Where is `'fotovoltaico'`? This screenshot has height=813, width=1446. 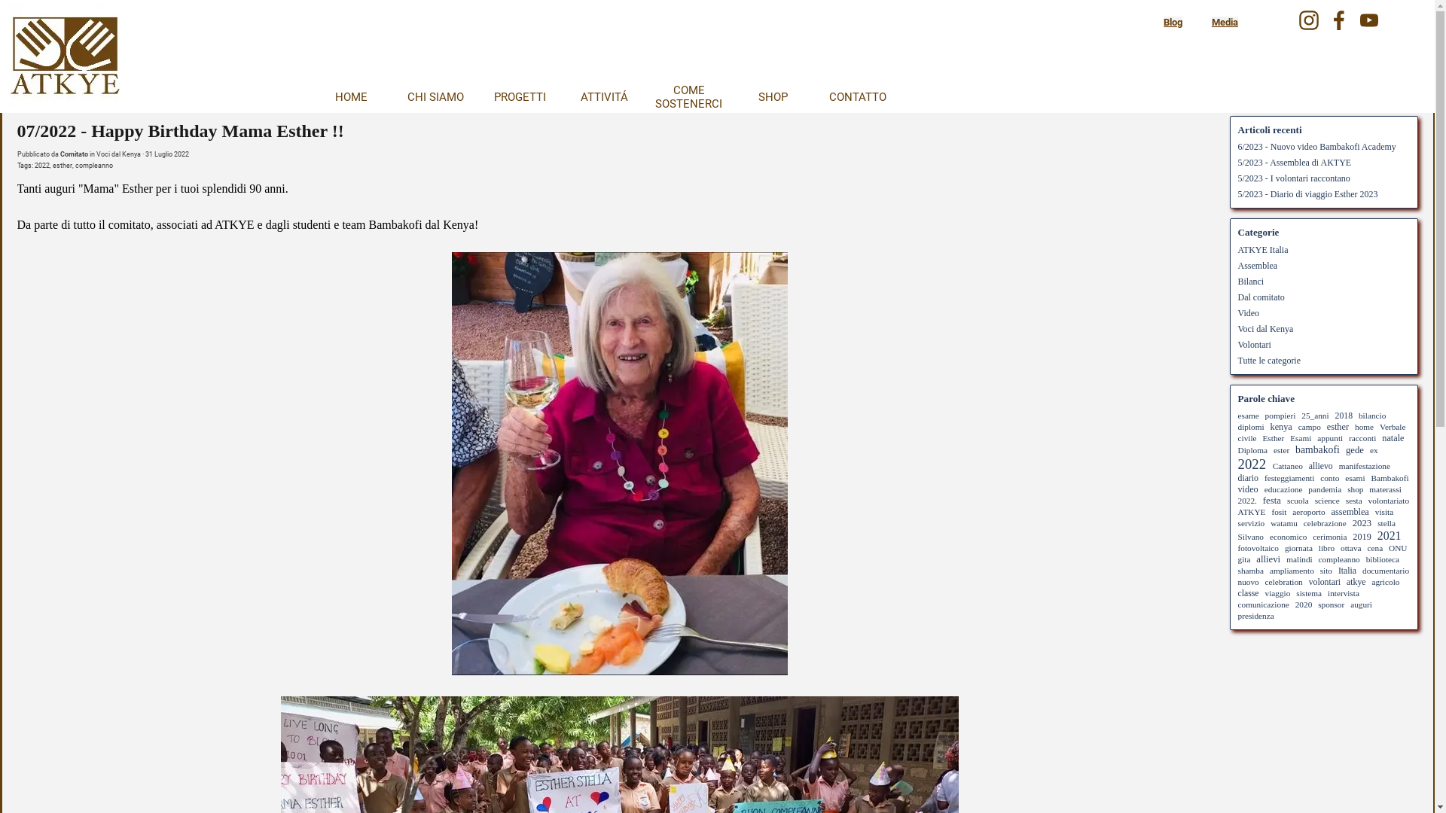
'fotovoltaico' is located at coordinates (1237, 548).